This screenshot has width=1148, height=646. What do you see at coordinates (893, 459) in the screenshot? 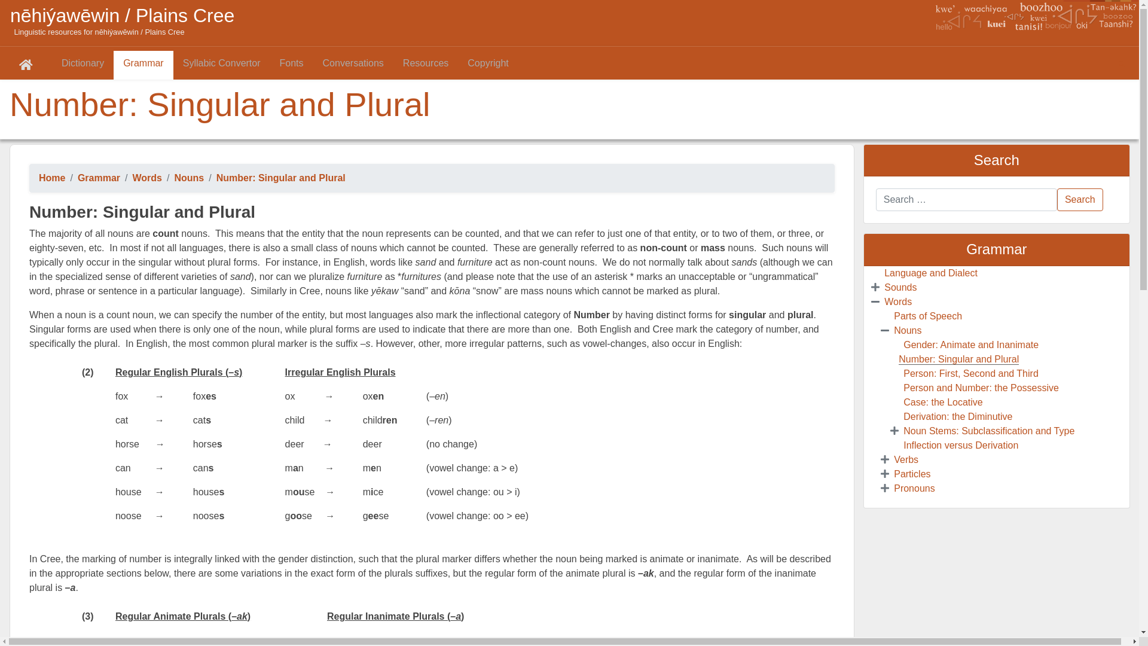
I see `'Verbs'` at bounding box center [893, 459].